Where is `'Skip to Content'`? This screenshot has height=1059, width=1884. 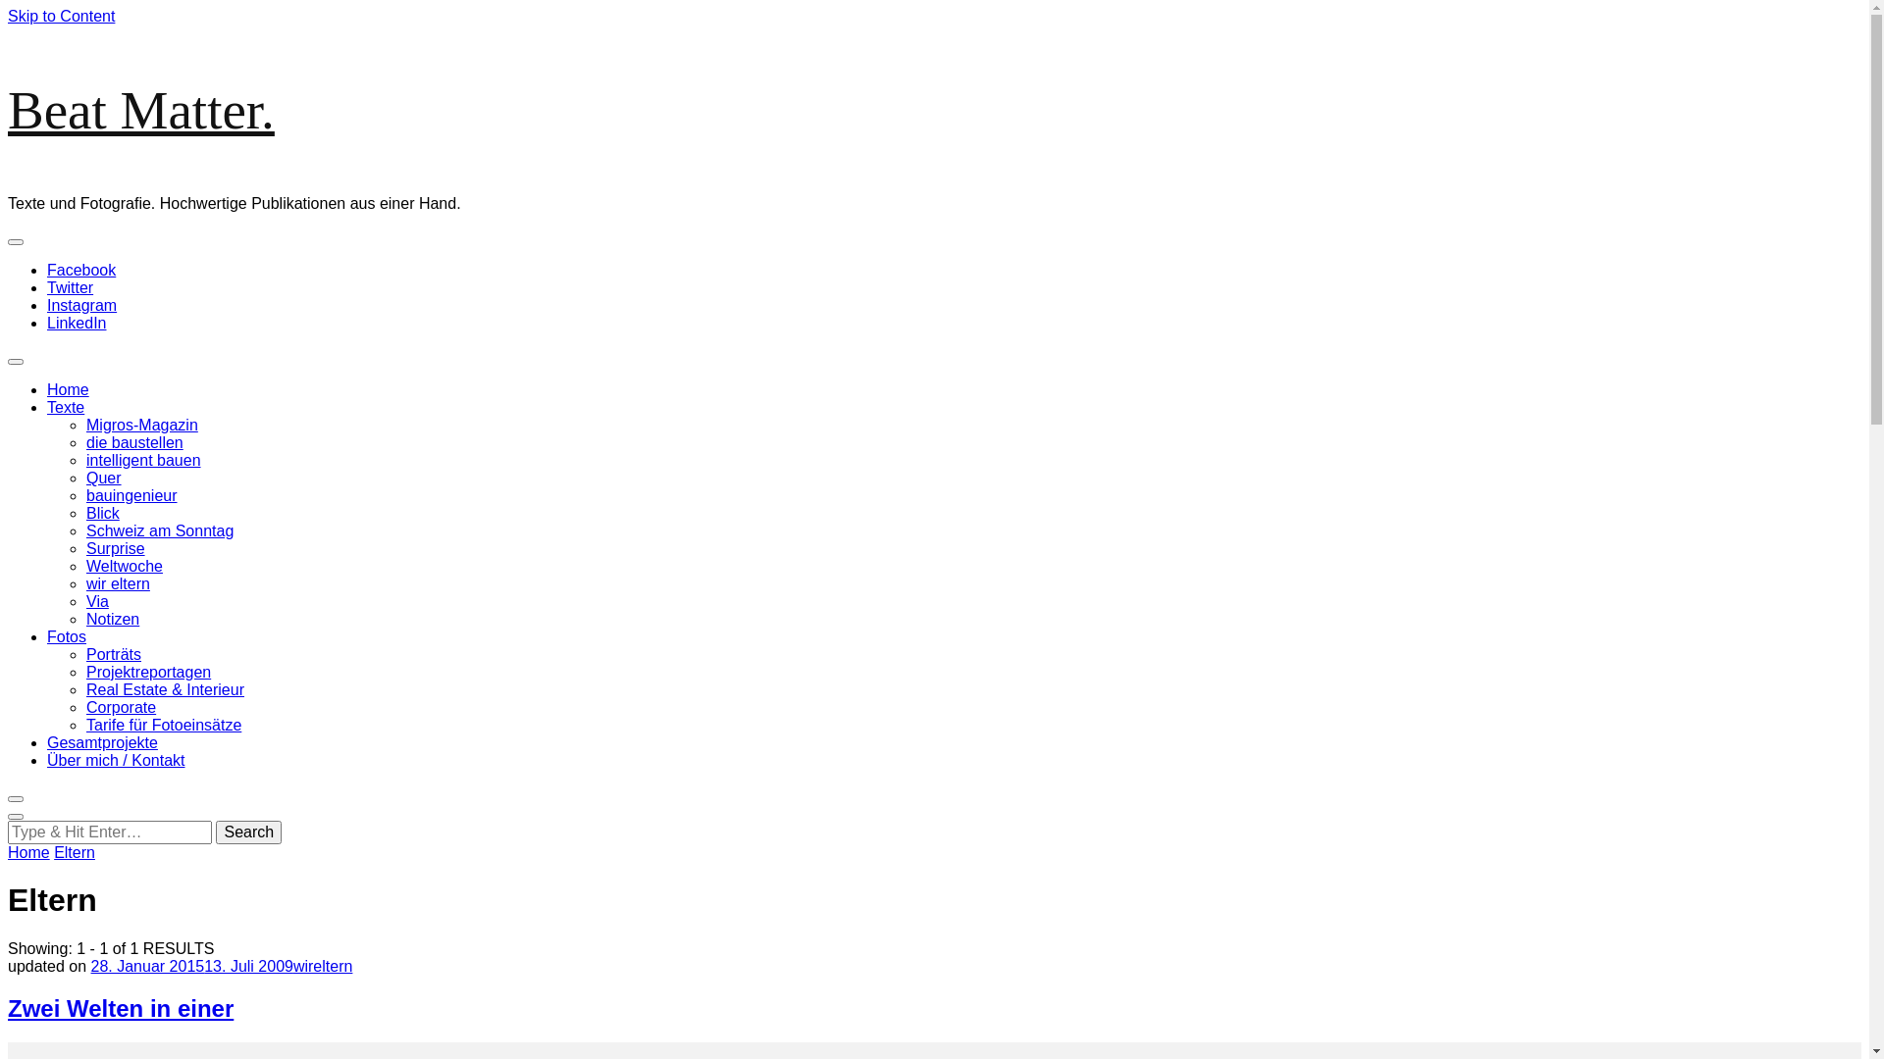 'Skip to Content' is located at coordinates (61, 16).